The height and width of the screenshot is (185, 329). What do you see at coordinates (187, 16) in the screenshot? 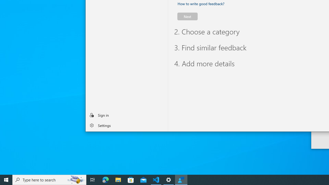
I see `'Next'` at bounding box center [187, 16].